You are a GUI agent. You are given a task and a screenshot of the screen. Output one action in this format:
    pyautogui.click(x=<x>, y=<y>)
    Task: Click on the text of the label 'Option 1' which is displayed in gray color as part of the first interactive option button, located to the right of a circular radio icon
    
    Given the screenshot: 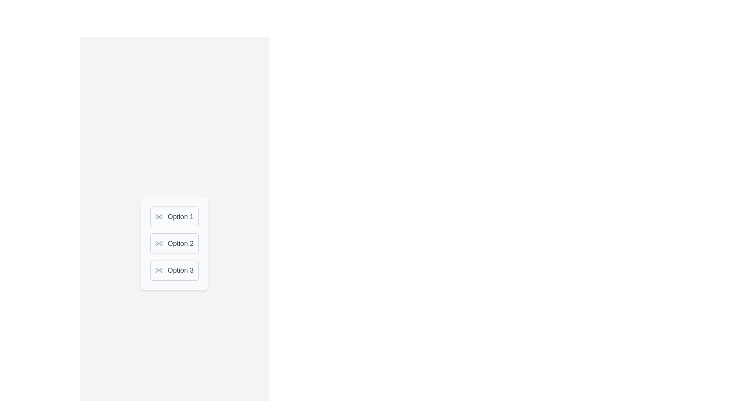 What is the action you would take?
    pyautogui.click(x=180, y=217)
    